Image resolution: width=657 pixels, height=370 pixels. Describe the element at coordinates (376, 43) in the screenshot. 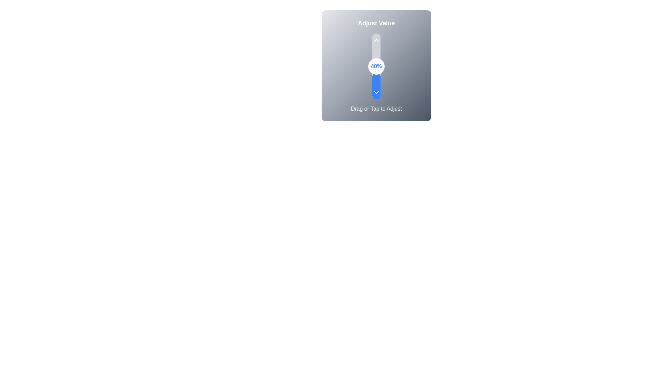

I see `the slider value` at that location.